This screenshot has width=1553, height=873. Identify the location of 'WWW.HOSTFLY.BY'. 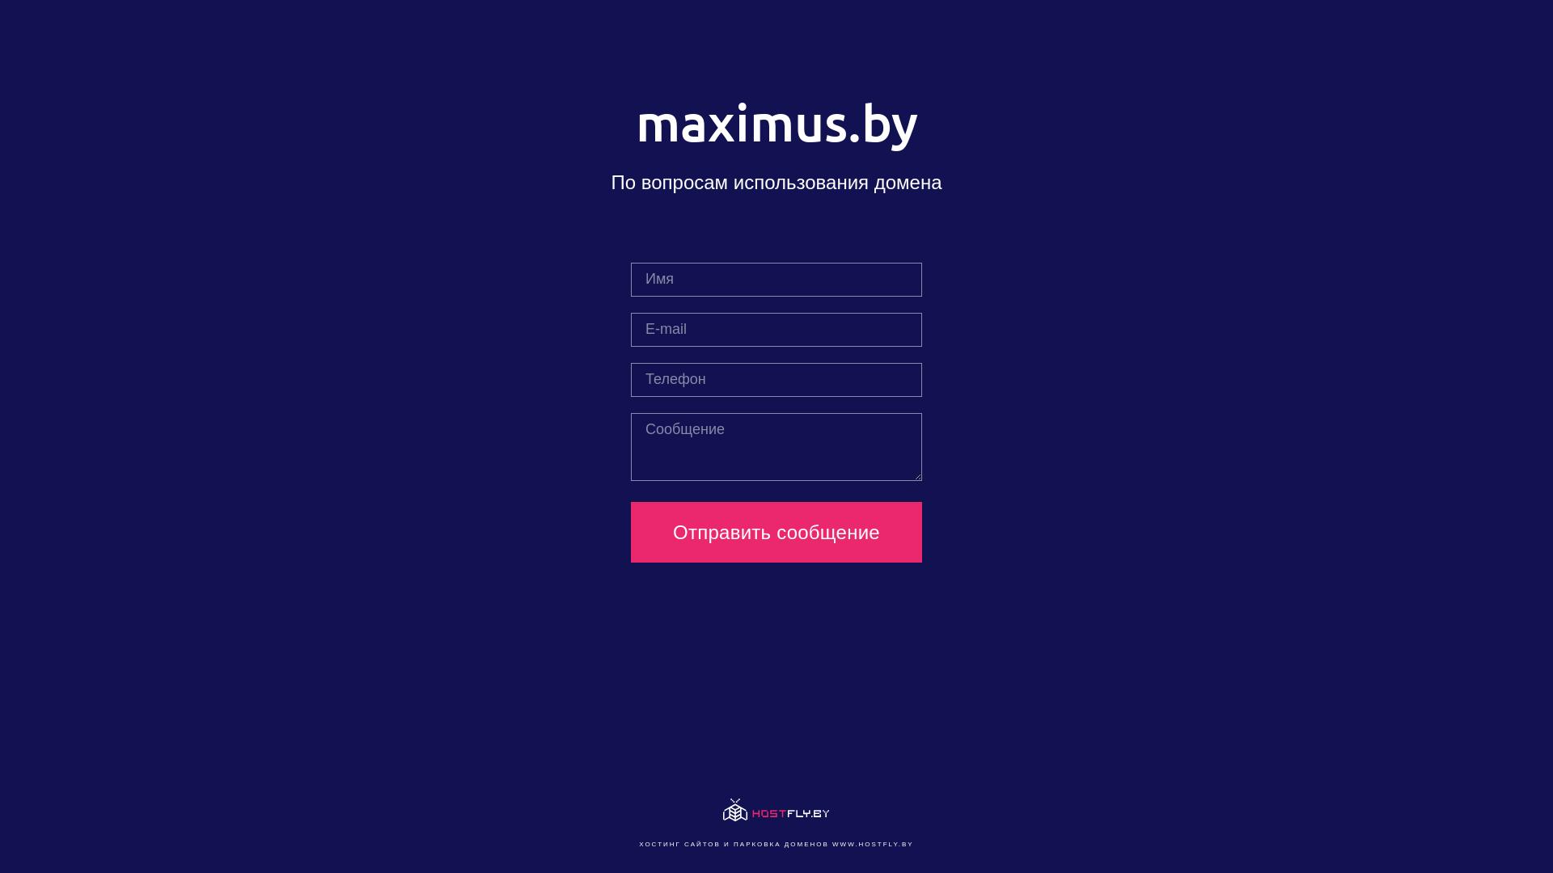
(872, 843).